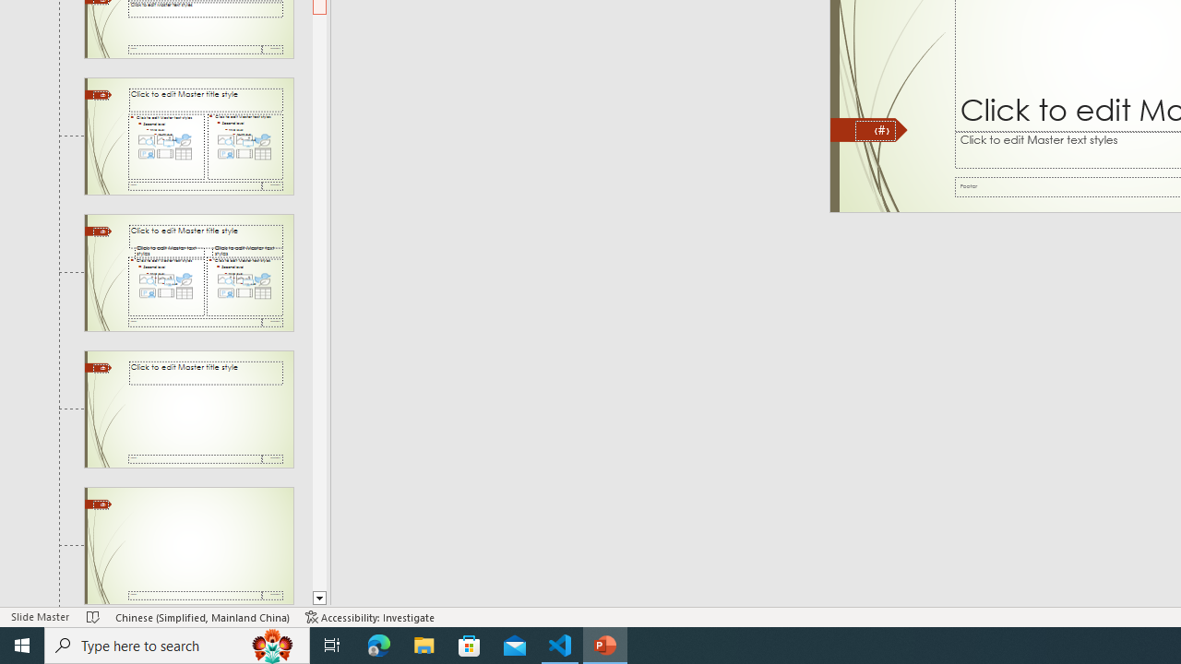  I want to click on 'Freeform 11', so click(868, 129).